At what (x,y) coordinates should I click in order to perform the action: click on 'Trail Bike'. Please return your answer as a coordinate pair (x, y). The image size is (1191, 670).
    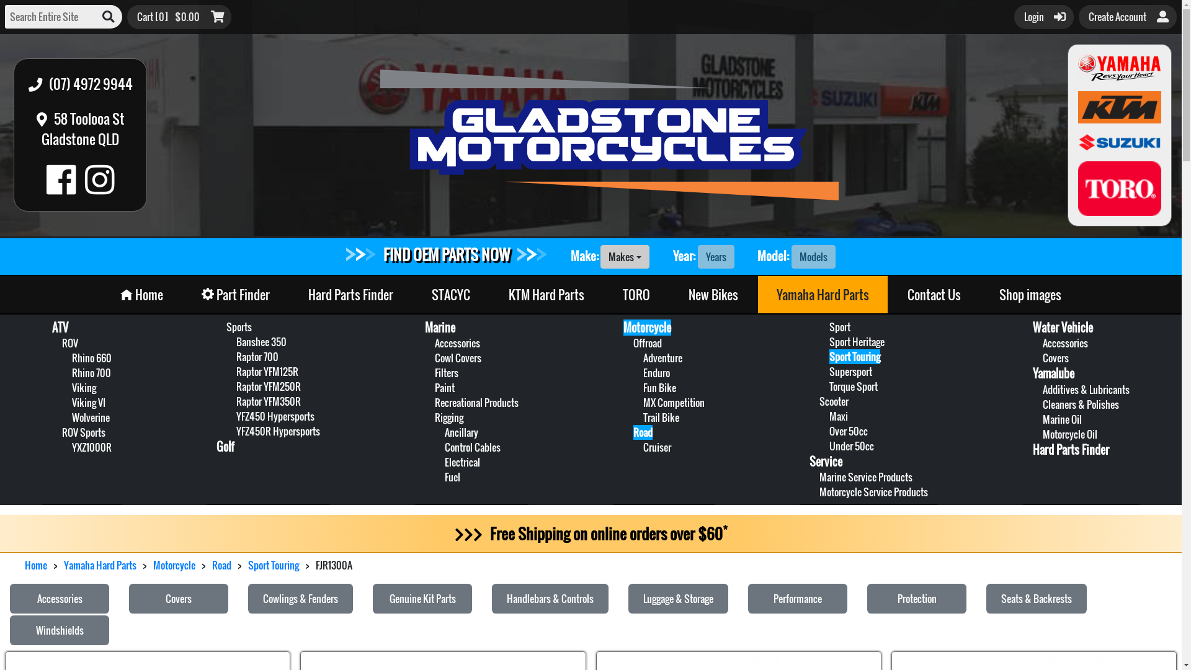
    Looking at the image, I should click on (660, 417).